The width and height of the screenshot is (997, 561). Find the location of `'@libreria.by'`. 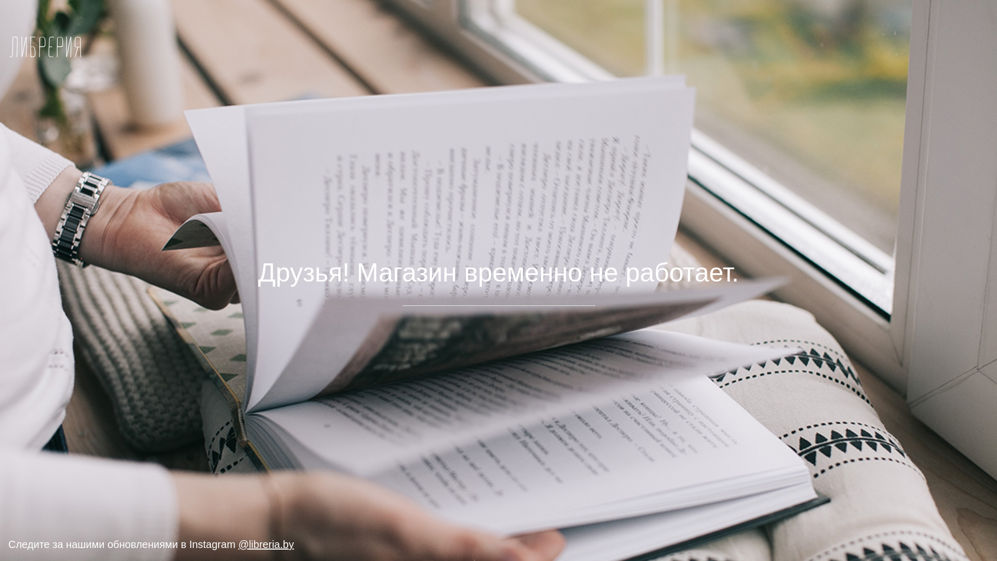

'@libreria.by' is located at coordinates (238, 544).